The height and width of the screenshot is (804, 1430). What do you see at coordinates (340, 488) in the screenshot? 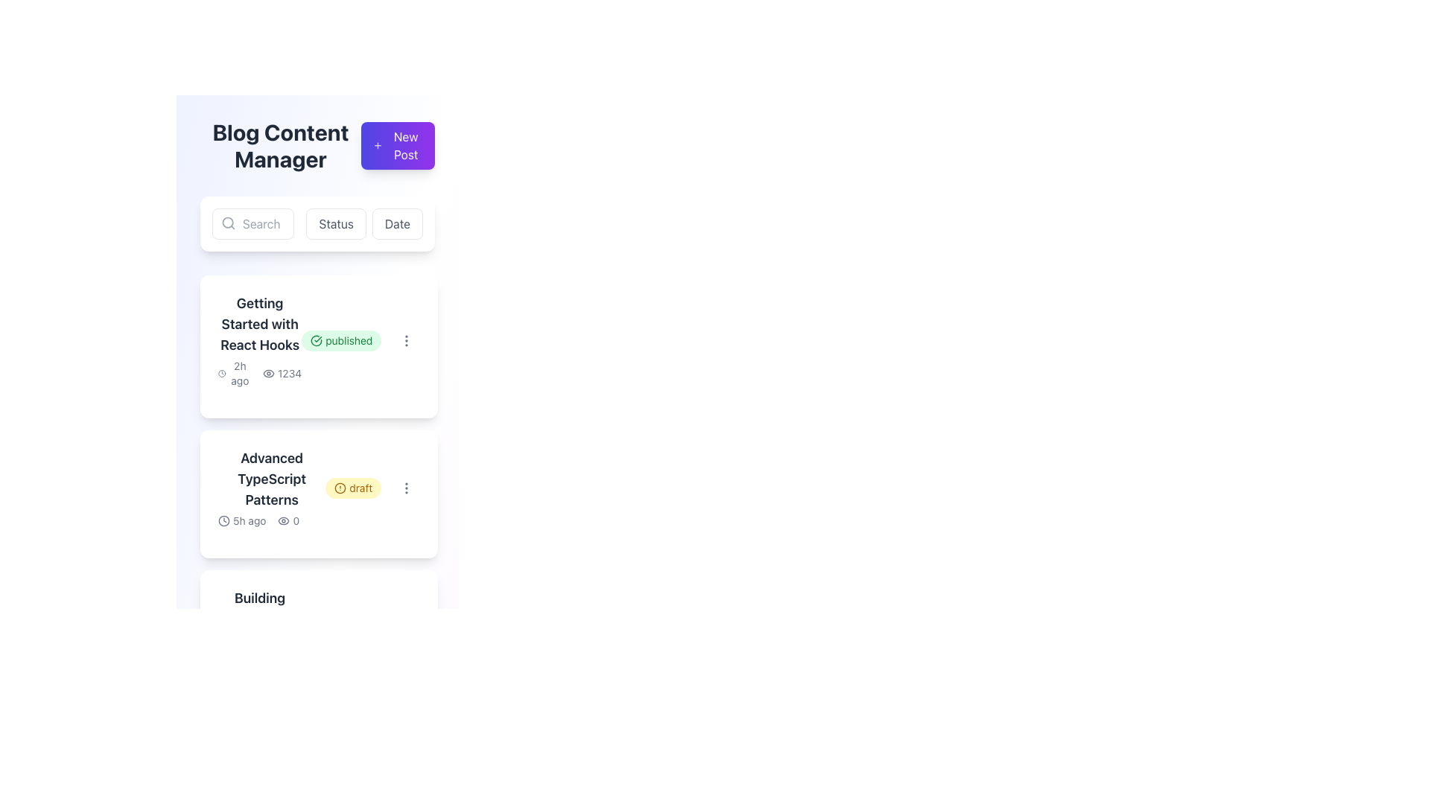
I see `the alert icon indicating the 'draft' status located to the right of the title 'Advanced TypeScript Patterns' in the second item of the vertical list of posts` at bounding box center [340, 488].